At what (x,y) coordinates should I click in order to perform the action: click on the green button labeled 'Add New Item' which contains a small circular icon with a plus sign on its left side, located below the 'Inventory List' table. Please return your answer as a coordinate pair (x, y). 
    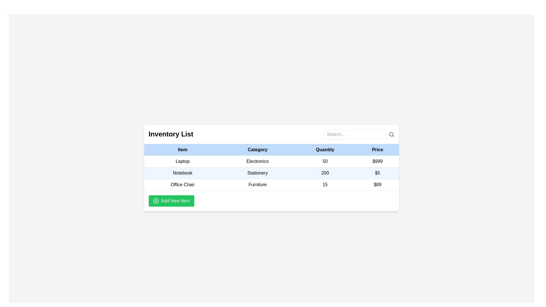
    Looking at the image, I should click on (156, 200).